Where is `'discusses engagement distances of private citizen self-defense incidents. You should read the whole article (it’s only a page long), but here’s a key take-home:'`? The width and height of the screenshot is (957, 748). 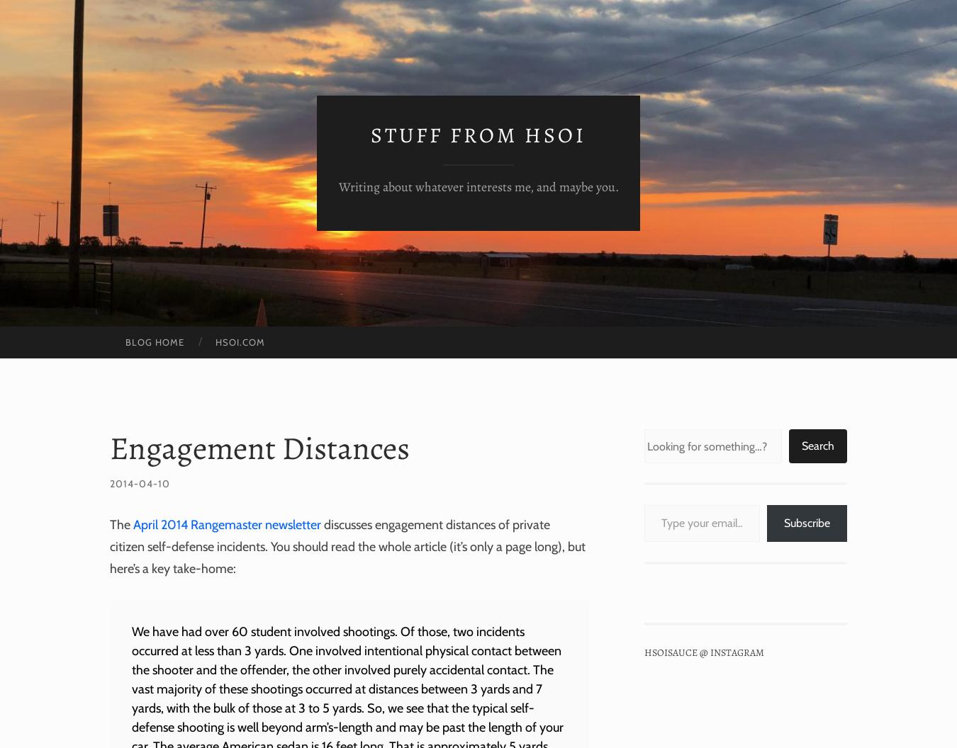 'discusses engagement distances of private citizen self-defense incidents. You should read the whole article (it’s only a page long), but here’s a key take-home:' is located at coordinates (347, 545).